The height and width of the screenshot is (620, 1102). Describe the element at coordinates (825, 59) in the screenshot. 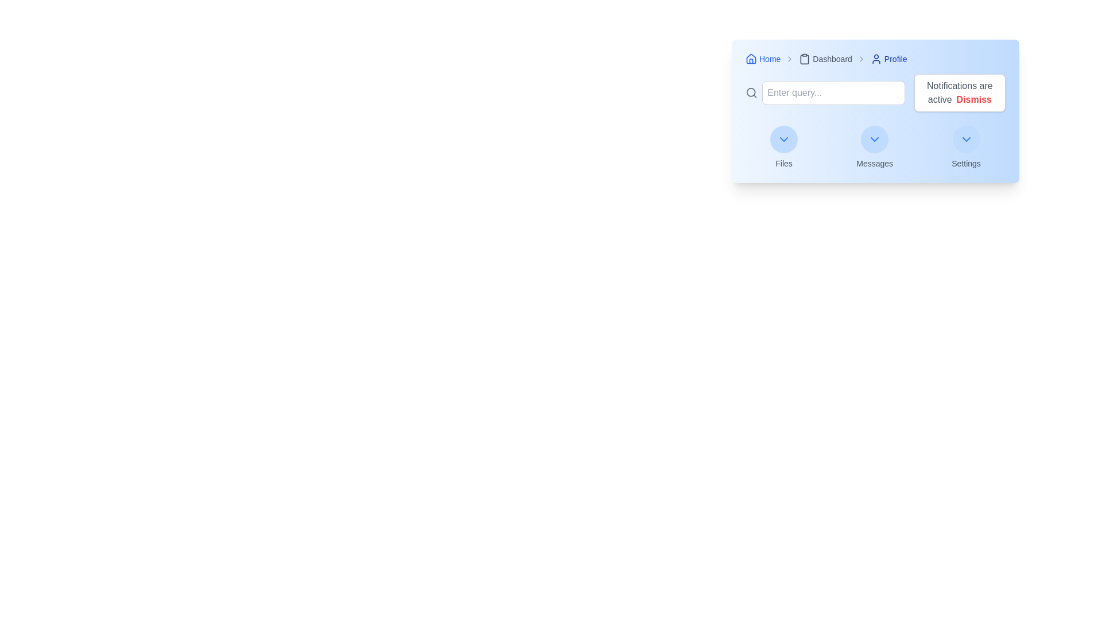

I see `the 'Dashboard' hyperlink in the breadcrumb navigation bar` at that location.